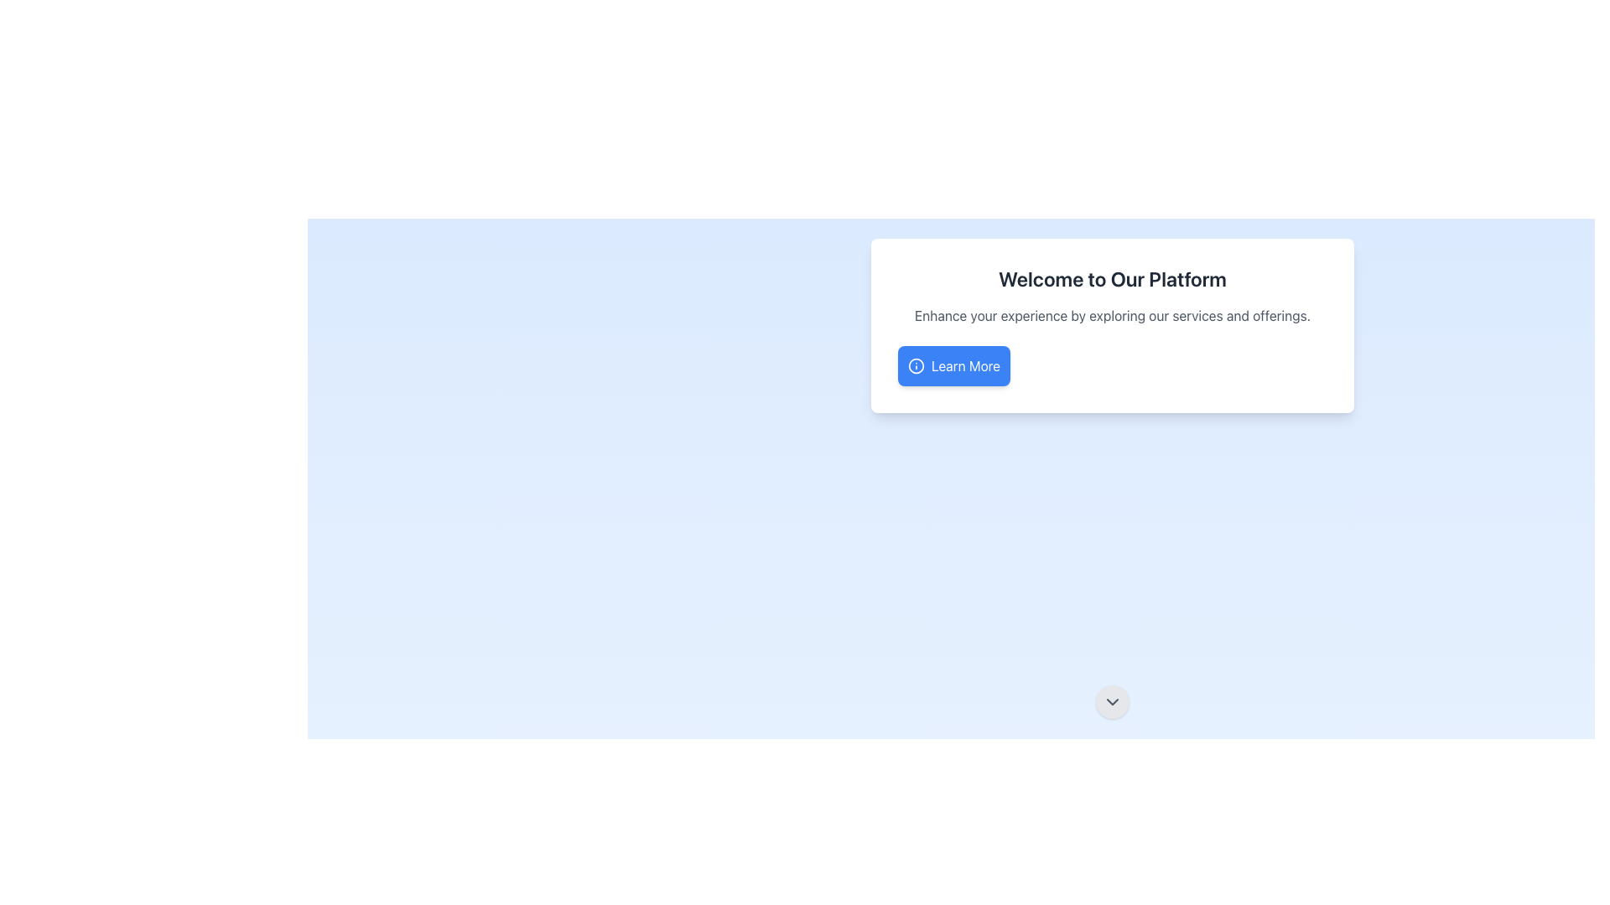 The width and height of the screenshot is (1610, 905). I want to click on the visual indicator icon located to the immediate left of the 'Learn More' text within the button at the bottom of the card titled 'Welcome to Our Platform', so click(916, 365).